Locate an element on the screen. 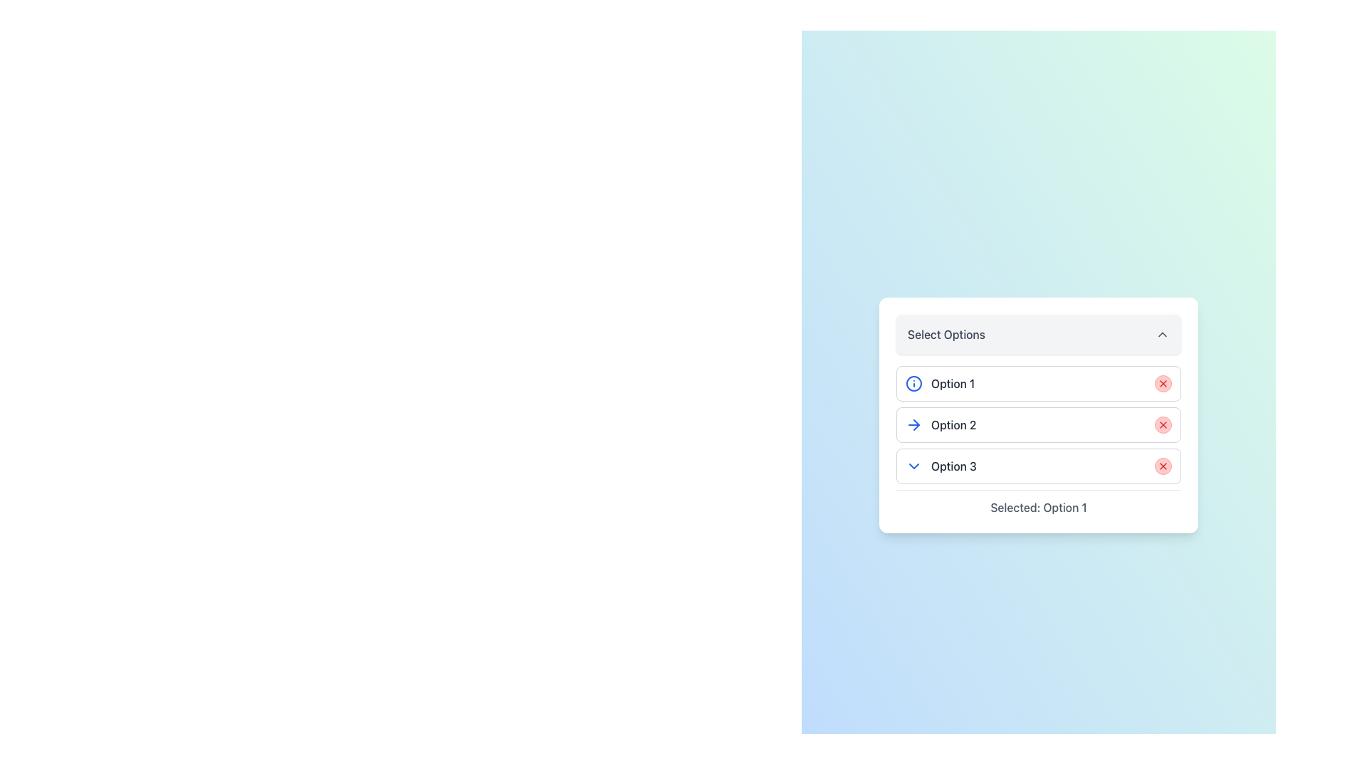  the circular red button with an 'X' icon is located at coordinates (1163, 382).